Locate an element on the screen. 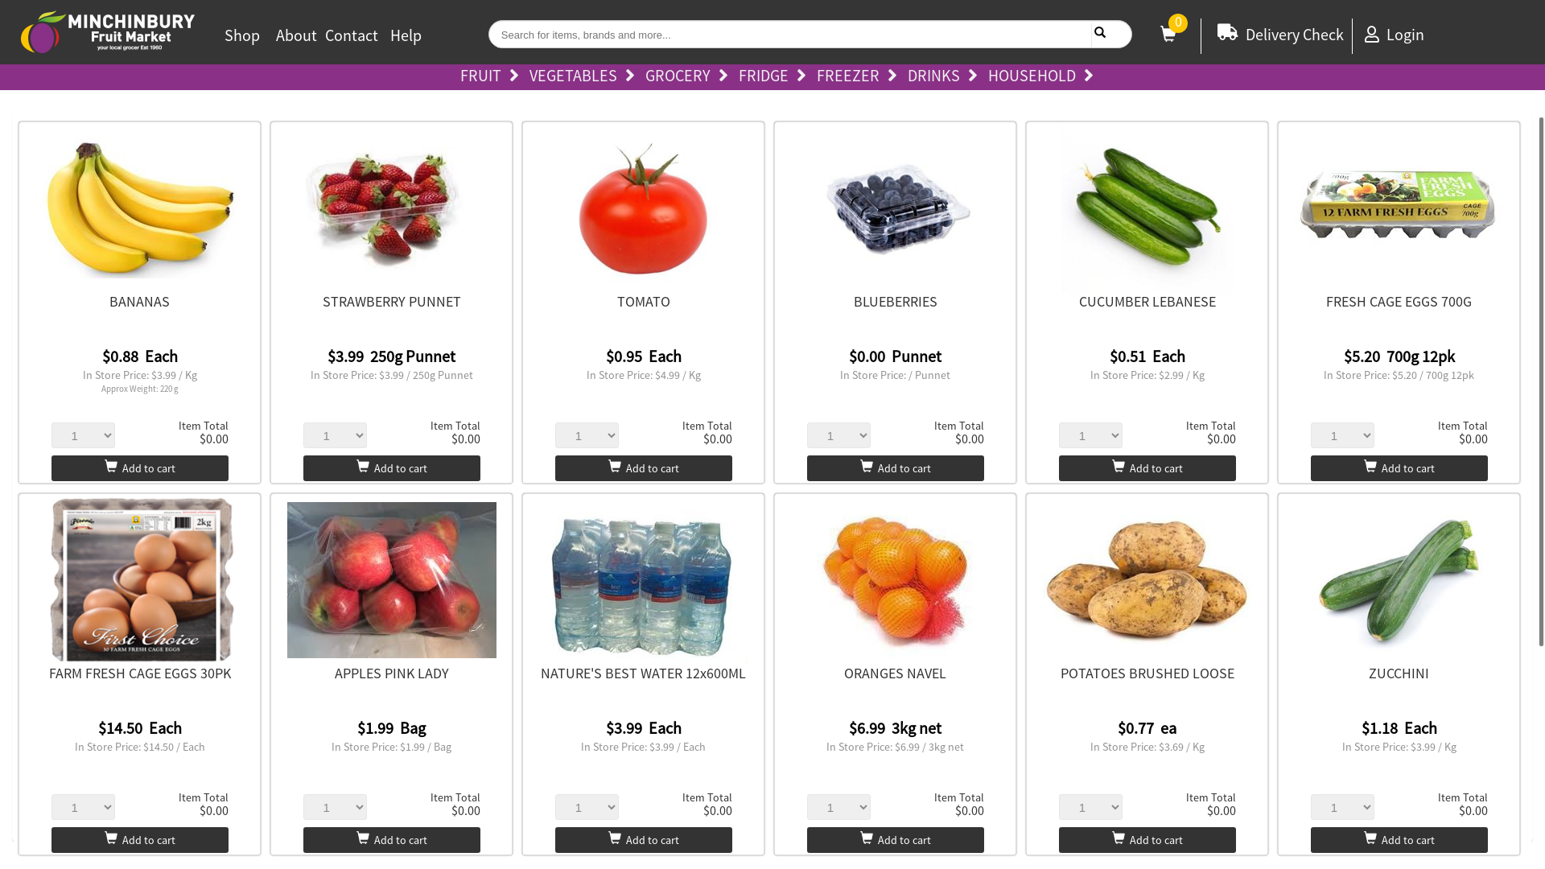  'Show details for ORANGES NAVEL' is located at coordinates (895, 580).